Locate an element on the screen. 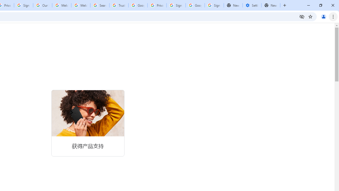 This screenshot has width=339, height=191. 'Google Ads - Sign in' is located at coordinates (138, 5).